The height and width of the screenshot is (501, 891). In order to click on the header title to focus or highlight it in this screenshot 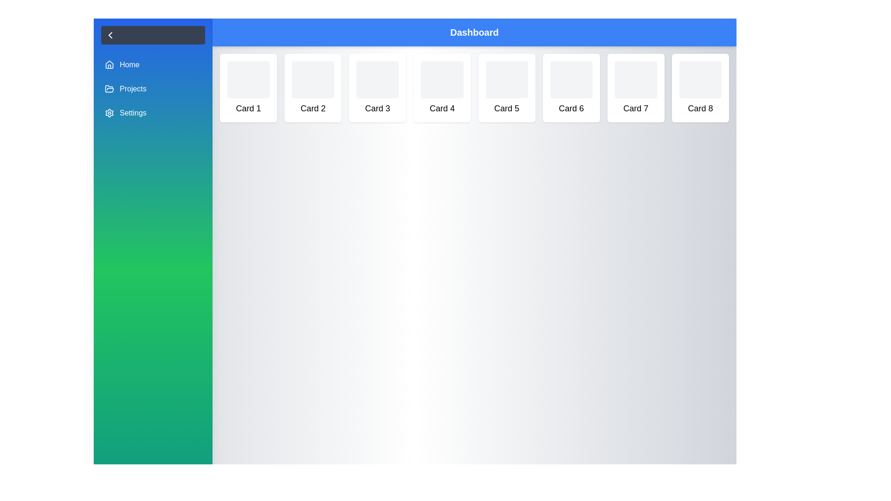, I will do `click(474, 32)`.